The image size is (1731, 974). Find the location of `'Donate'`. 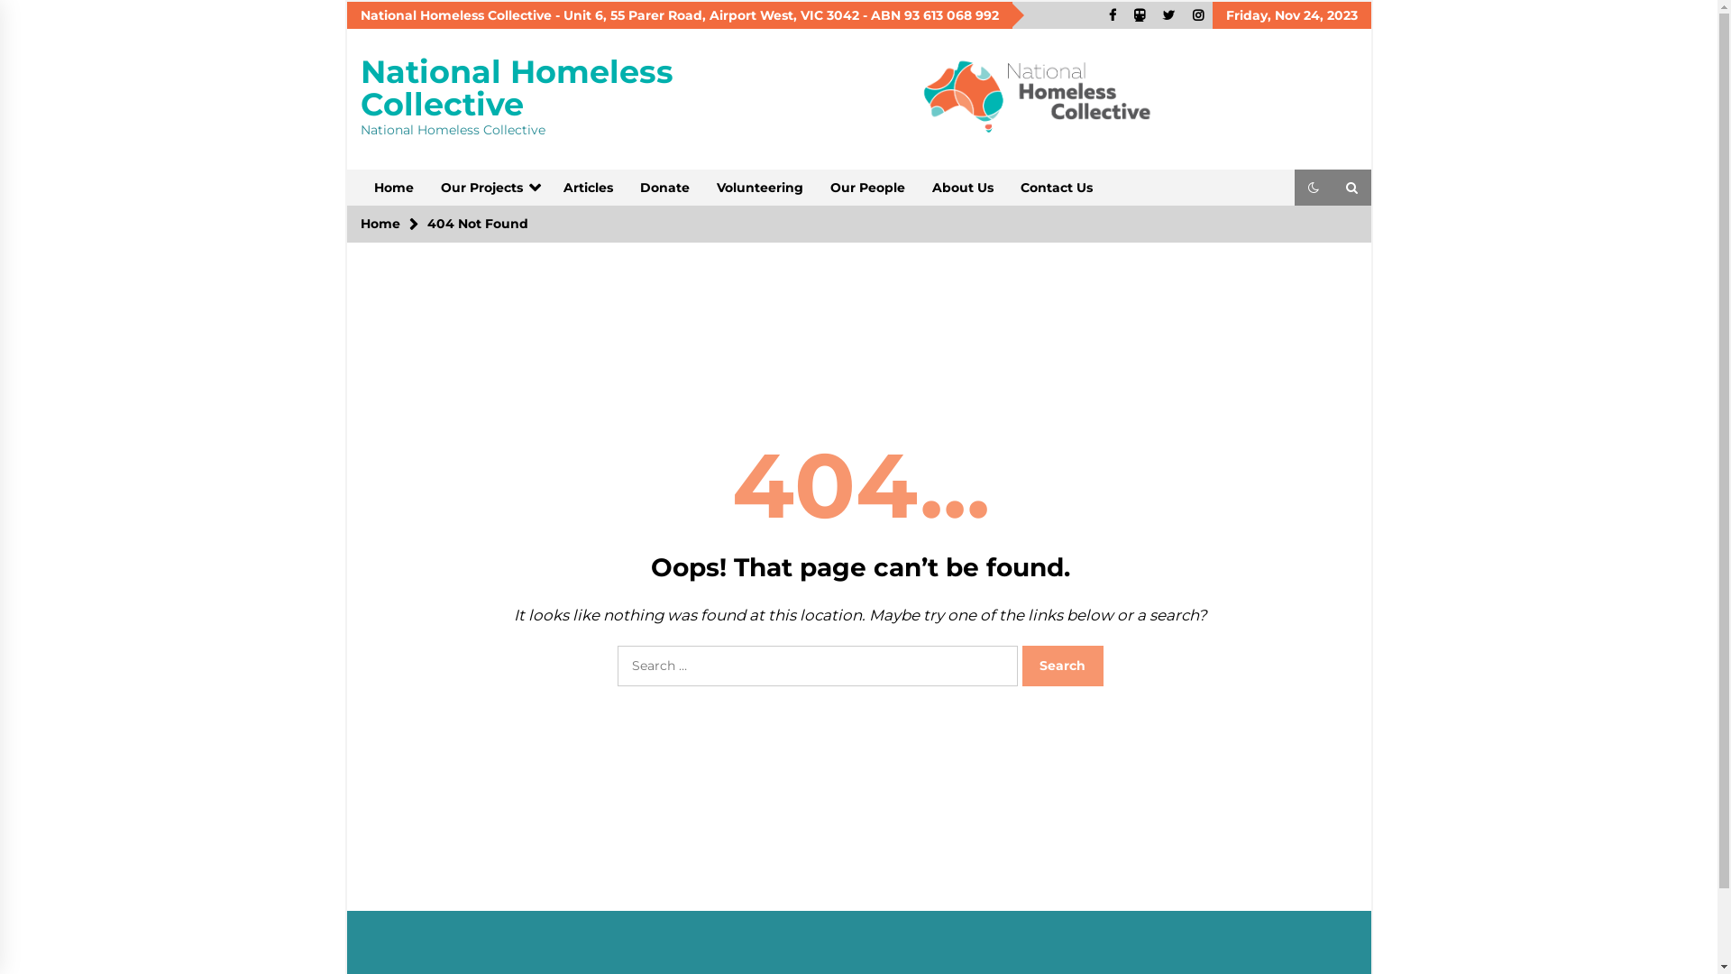

'Donate' is located at coordinates (663, 188).